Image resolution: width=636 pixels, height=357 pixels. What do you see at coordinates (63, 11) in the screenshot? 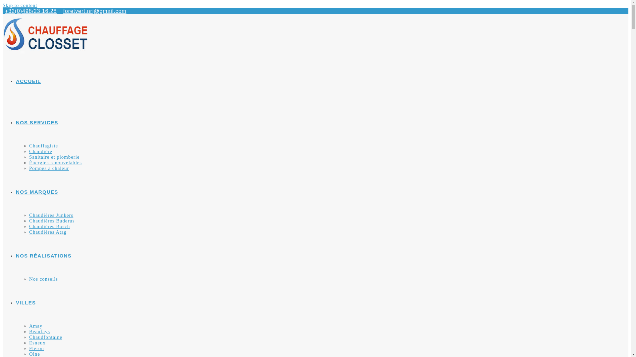
I see `'foretvert.nrj@gmail.com'` at bounding box center [63, 11].